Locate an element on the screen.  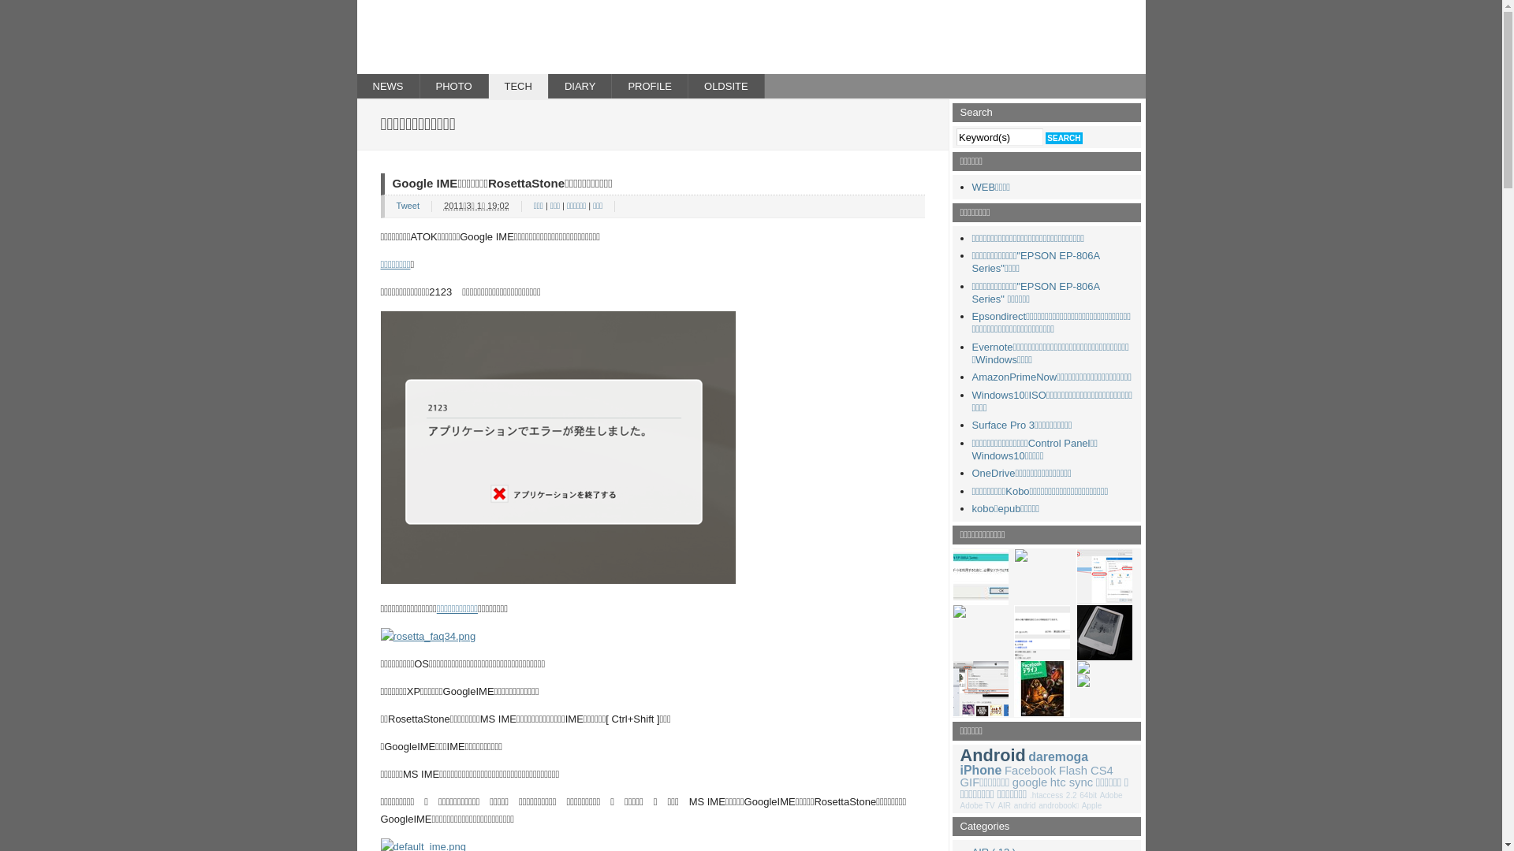
'Flash CS4' is located at coordinates (1085, 770).